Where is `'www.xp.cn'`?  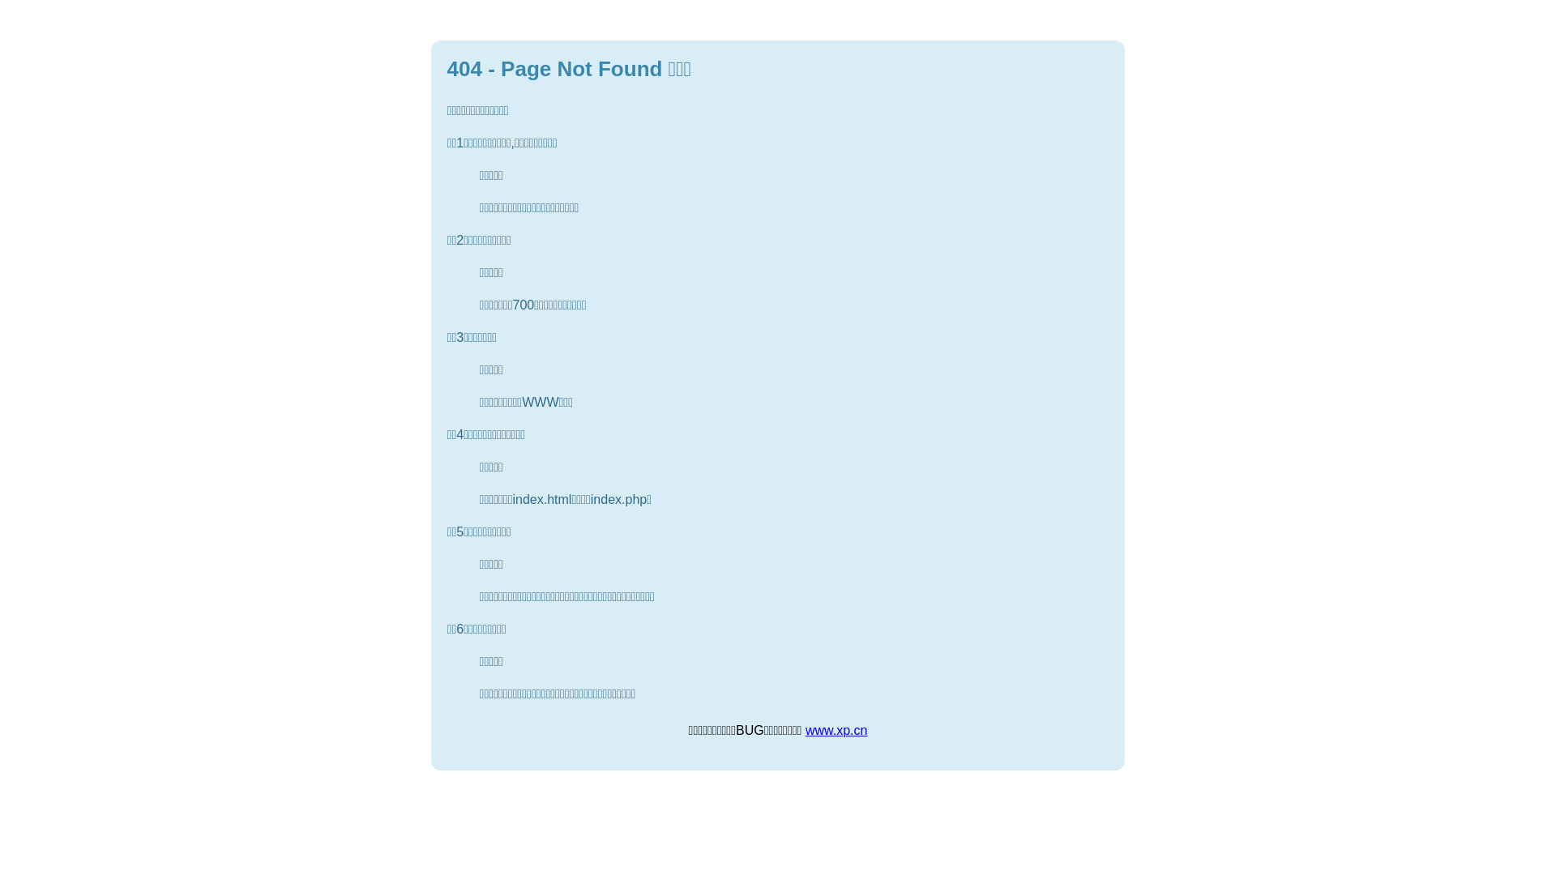 'www.xp.cn' is located at coordinates (836, 730).